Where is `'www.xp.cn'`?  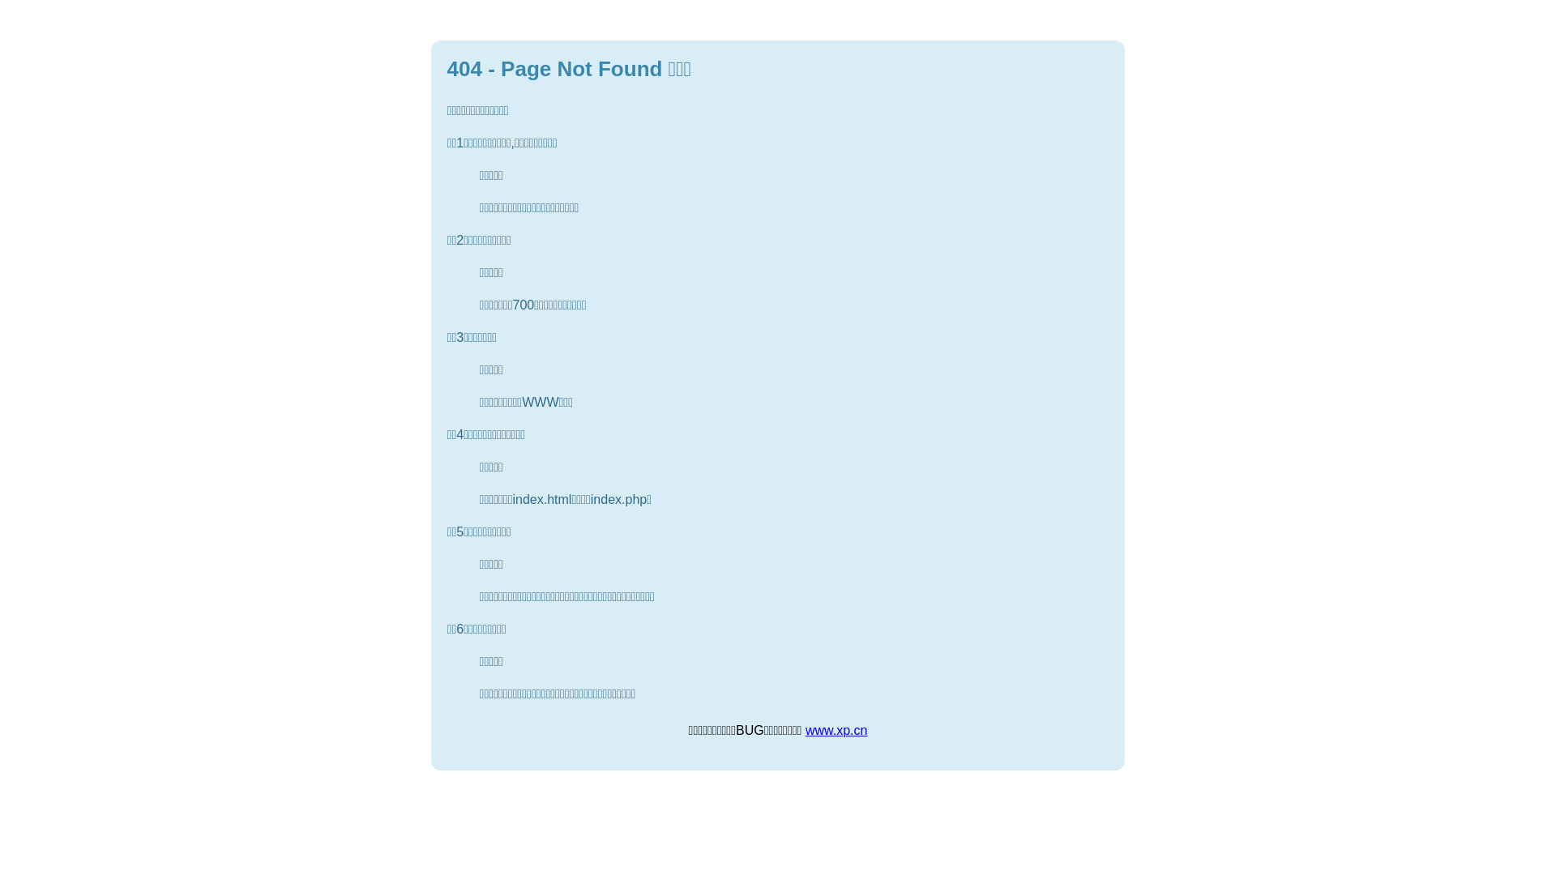 'www.xp.cn' is located at coordinates (836, 730).